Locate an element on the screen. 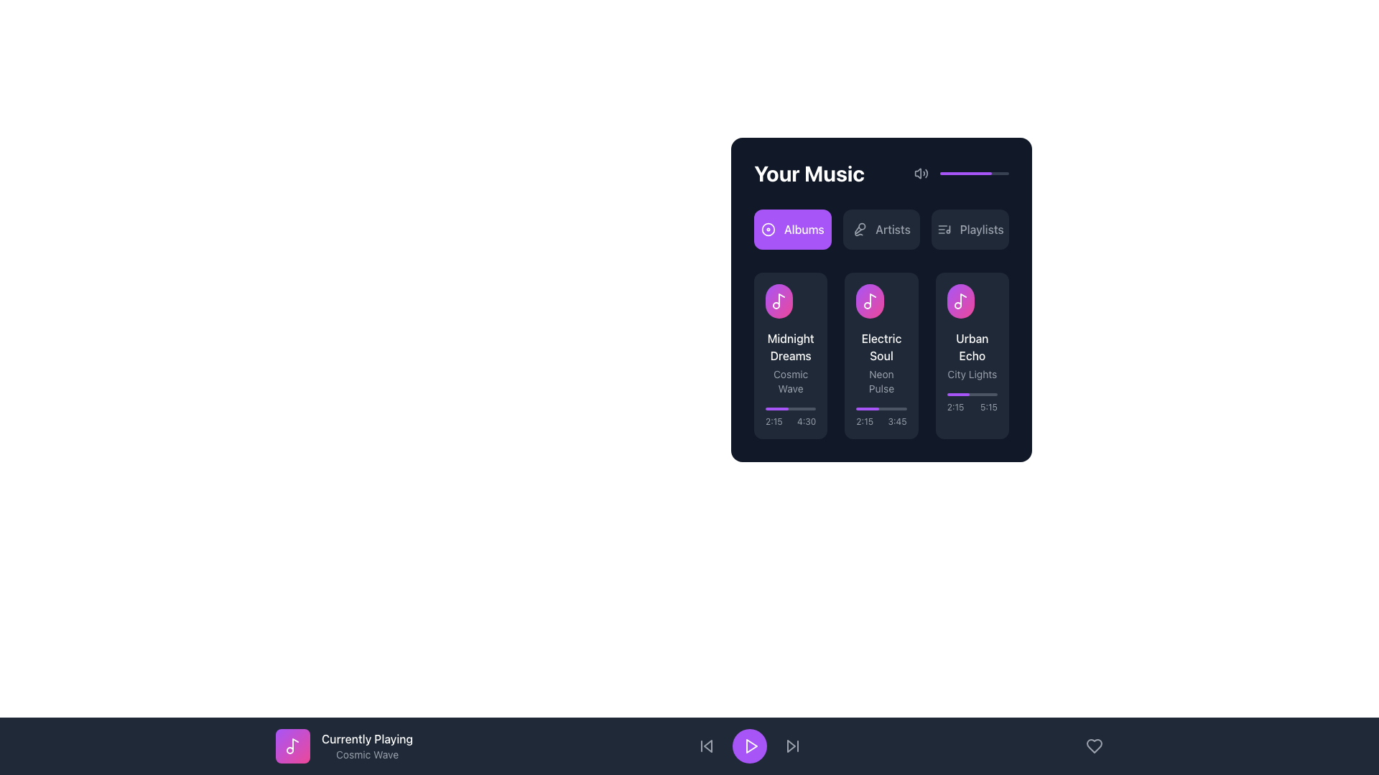 This screenshot has height=775, width=1379. 'Albums' text label within the button located in the top-left portion of the music navigation UI, which is visually represented in a purple rounded rectangle just below the 'Your Music' heading is located at coordinates (803, 229).